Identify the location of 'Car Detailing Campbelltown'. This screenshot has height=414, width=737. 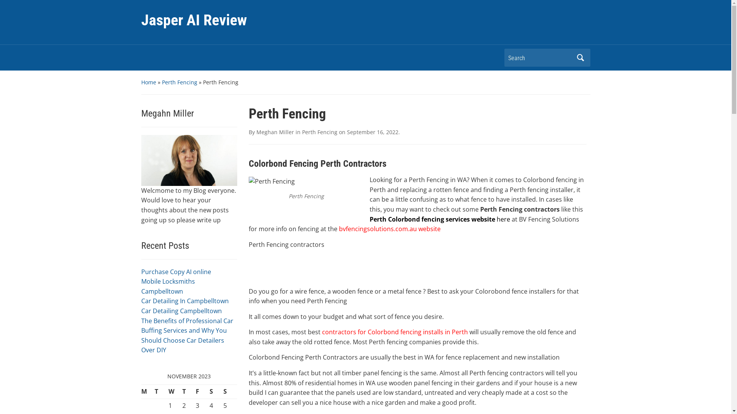
(141, 310).